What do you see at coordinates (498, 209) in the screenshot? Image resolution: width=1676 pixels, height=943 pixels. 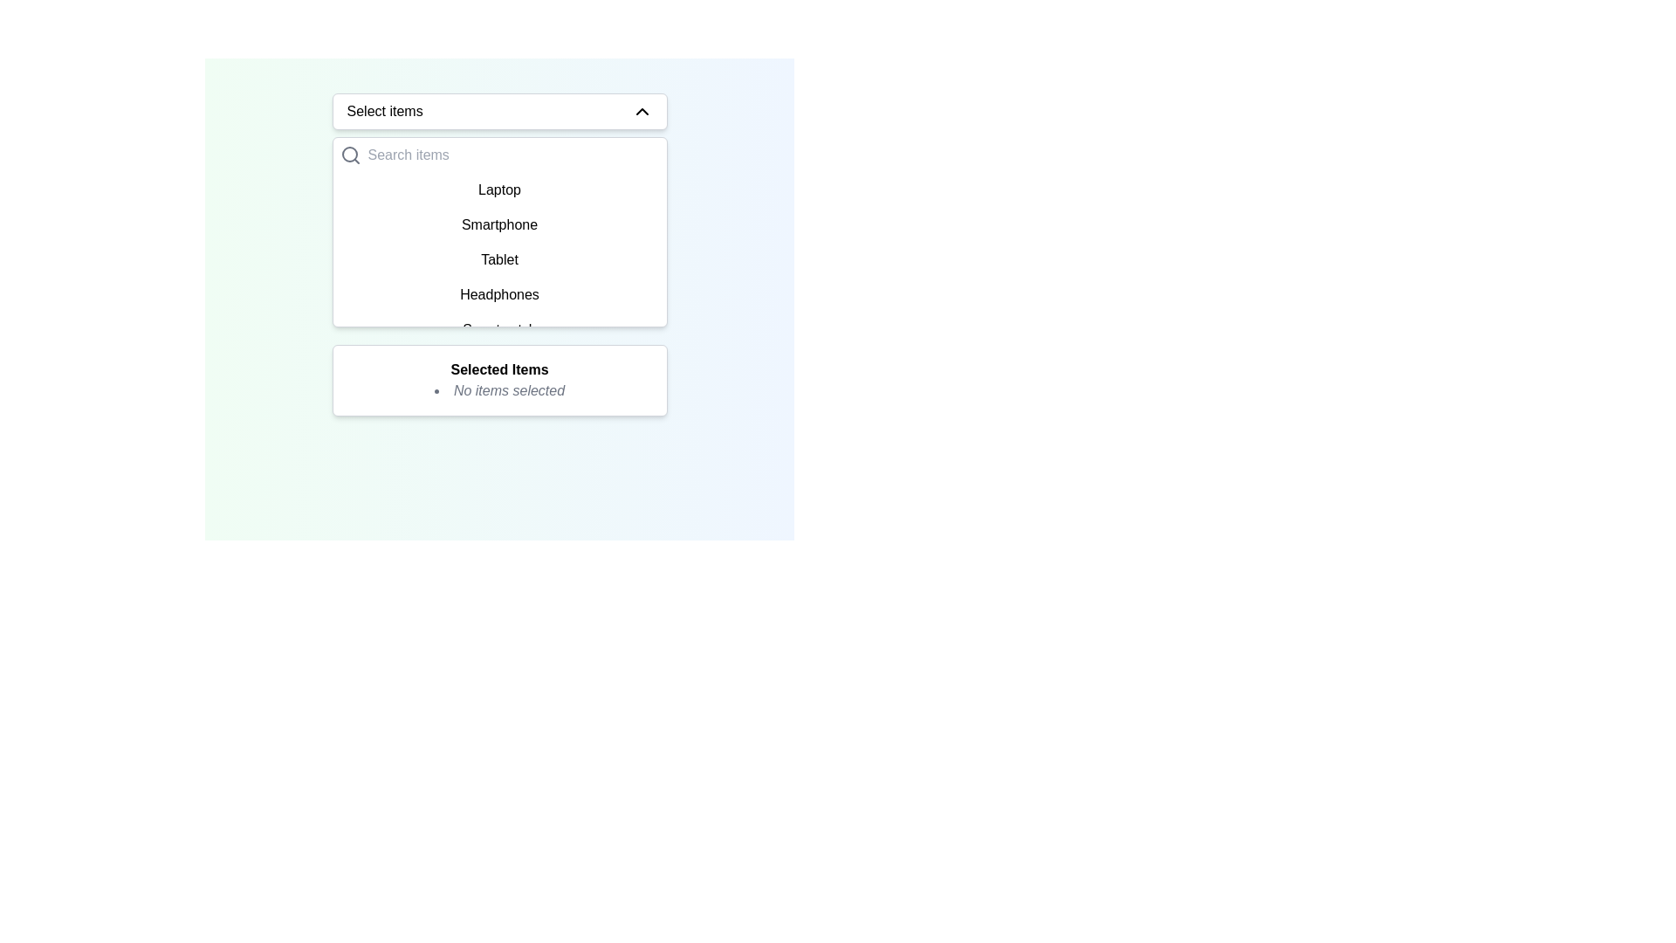 I see `the dropdown list item labeled 'Smartphone', which is the second item in the dropdown menu under the search bar 'Select items'` at bounding box center [498, 209].